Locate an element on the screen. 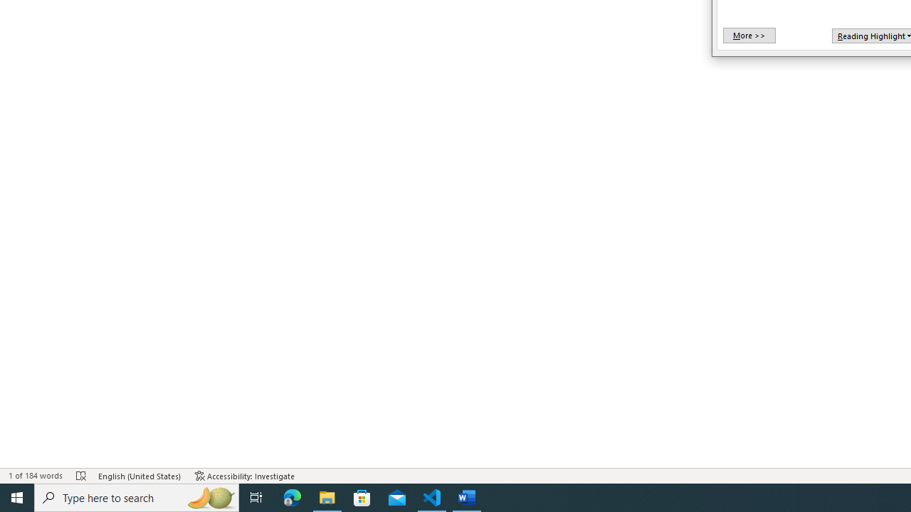 The width and height of the screenshot is (911, 512). 'Word Count 1 of 184 words' is located at coordinates (35, 476).